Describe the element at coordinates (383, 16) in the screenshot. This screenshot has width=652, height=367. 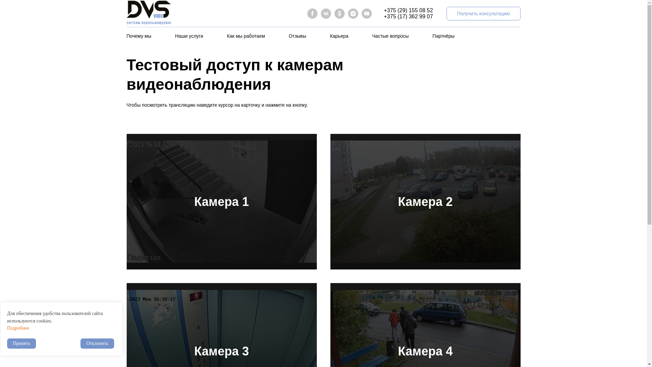
I see `'+375 (17) 362 99 07'` at that location.